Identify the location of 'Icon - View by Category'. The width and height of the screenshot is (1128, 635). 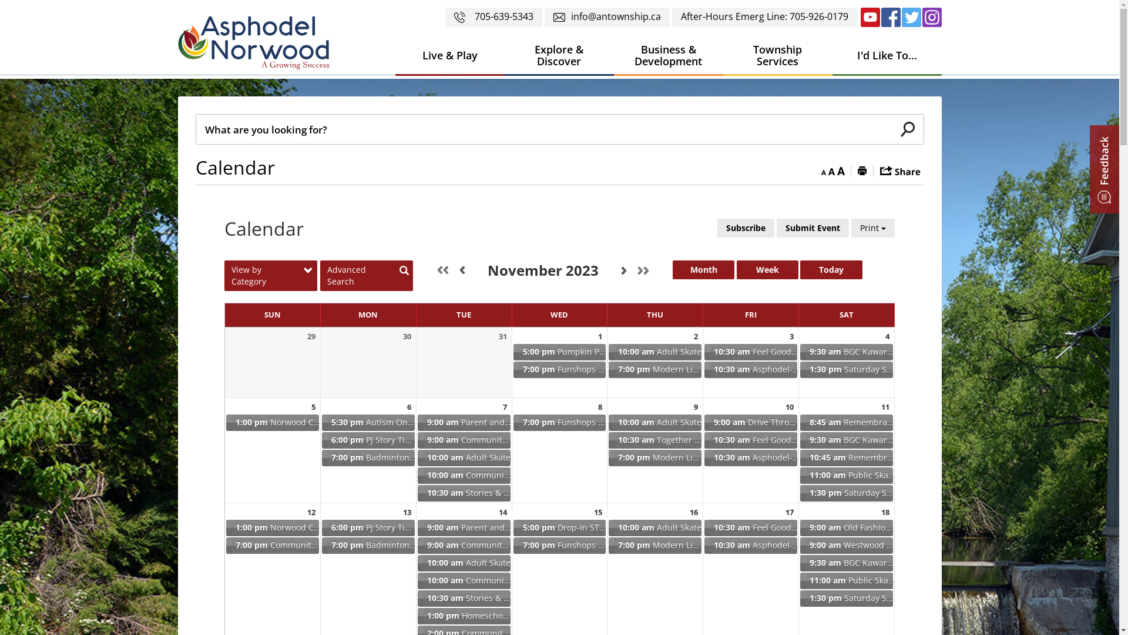
(308, 271).